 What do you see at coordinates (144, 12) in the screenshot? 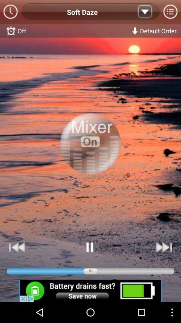
I see `drop down button` at bounding box center [144, 12].